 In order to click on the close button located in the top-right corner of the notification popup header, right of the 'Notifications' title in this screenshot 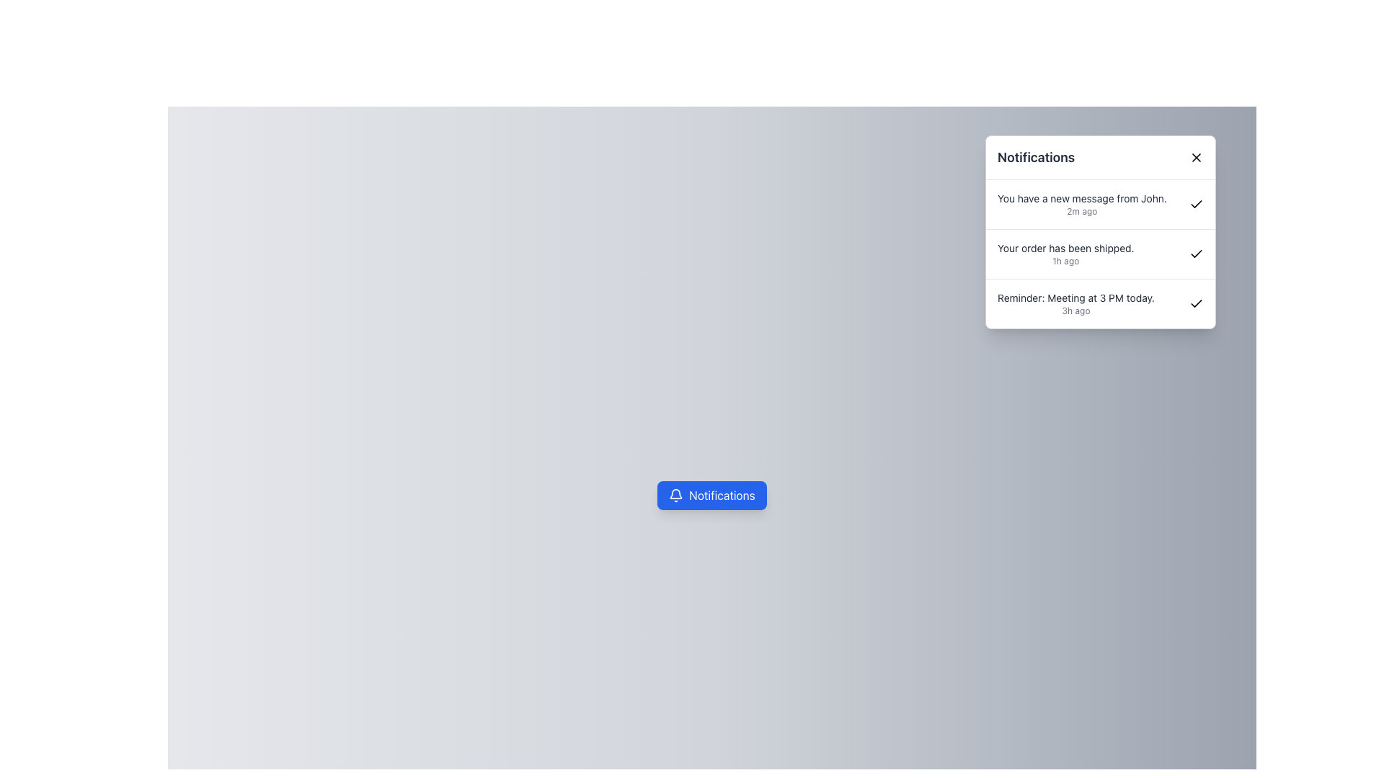, I will do `click(1197, 158)`.